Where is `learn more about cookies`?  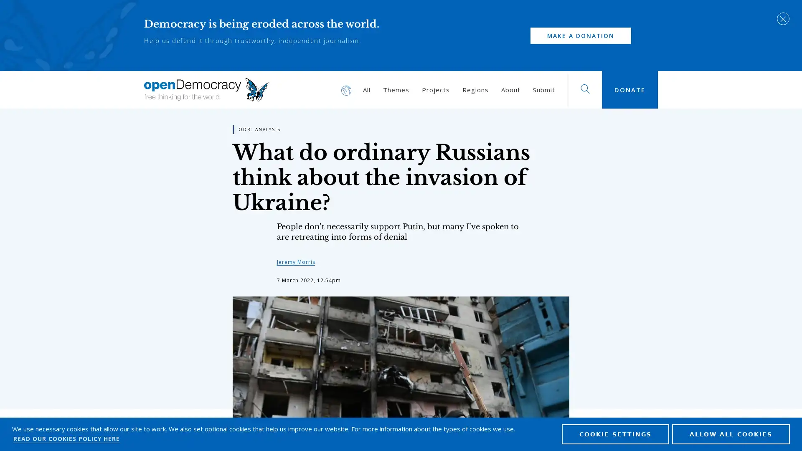
learn more about cookies is located at coordinates (66, 438).